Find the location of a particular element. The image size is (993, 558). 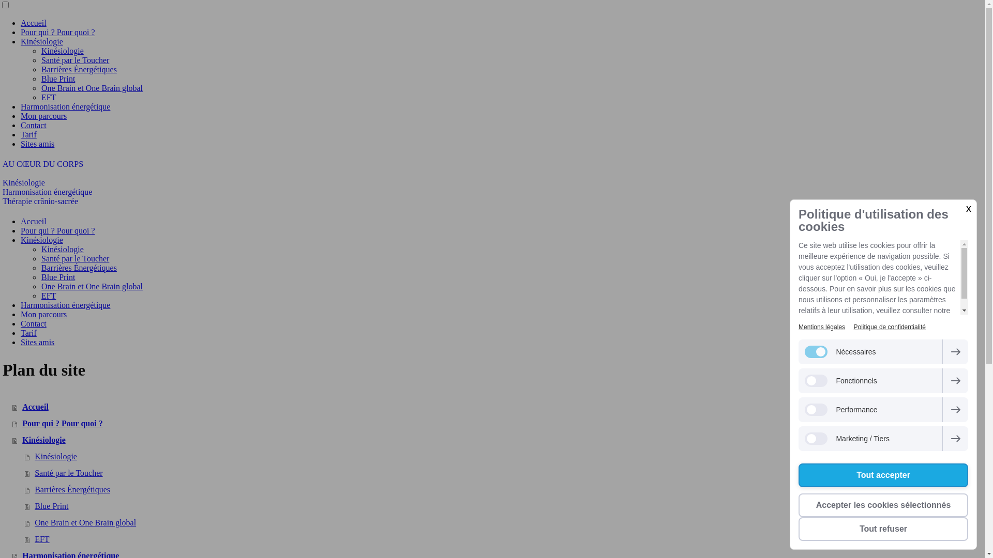

'Accueil' is located at coordinates (12, 406).